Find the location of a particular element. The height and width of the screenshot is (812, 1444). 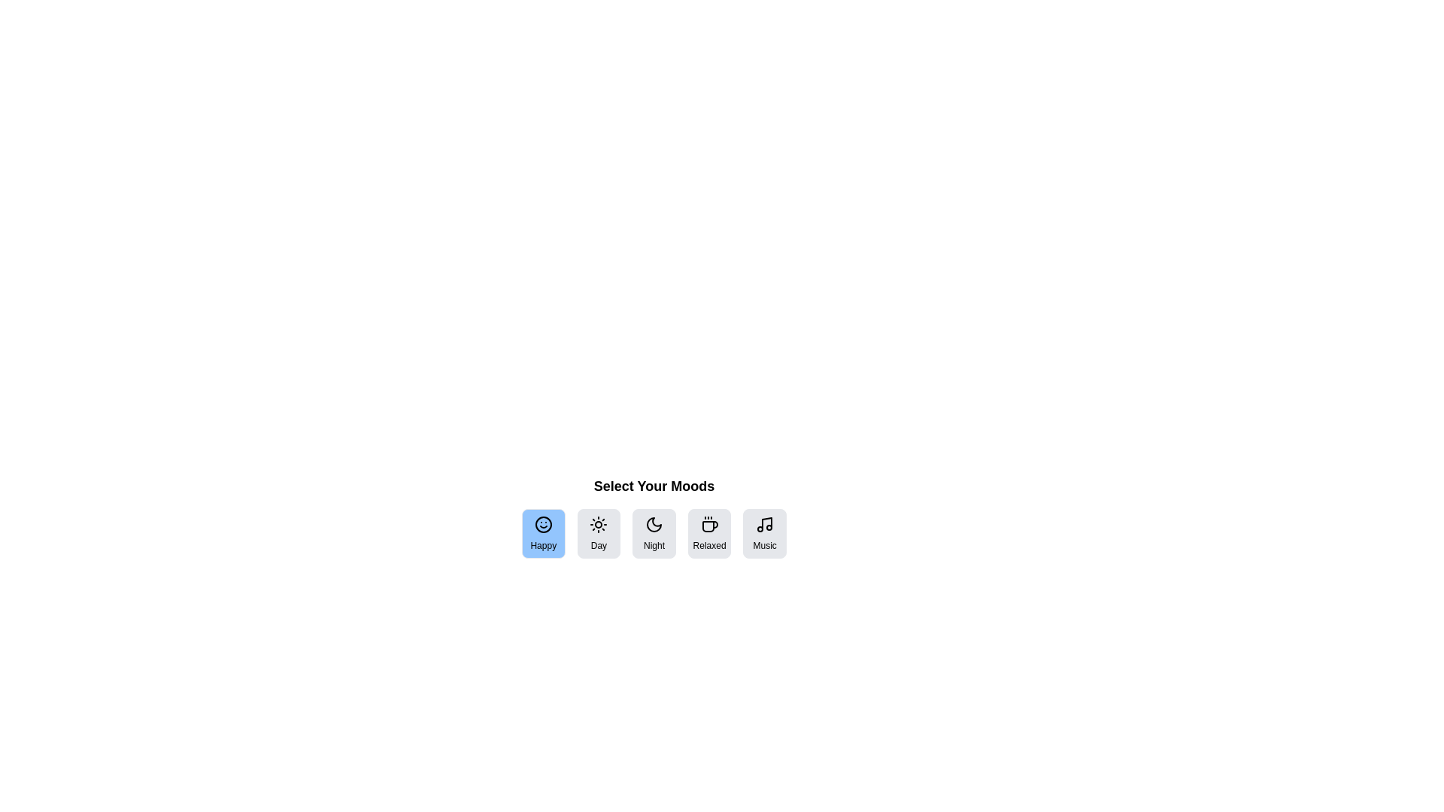

the icon representing the 'Night' option, which is located above the text 'Night' on the button in the center of the UI is located at coordinates (654, 524).